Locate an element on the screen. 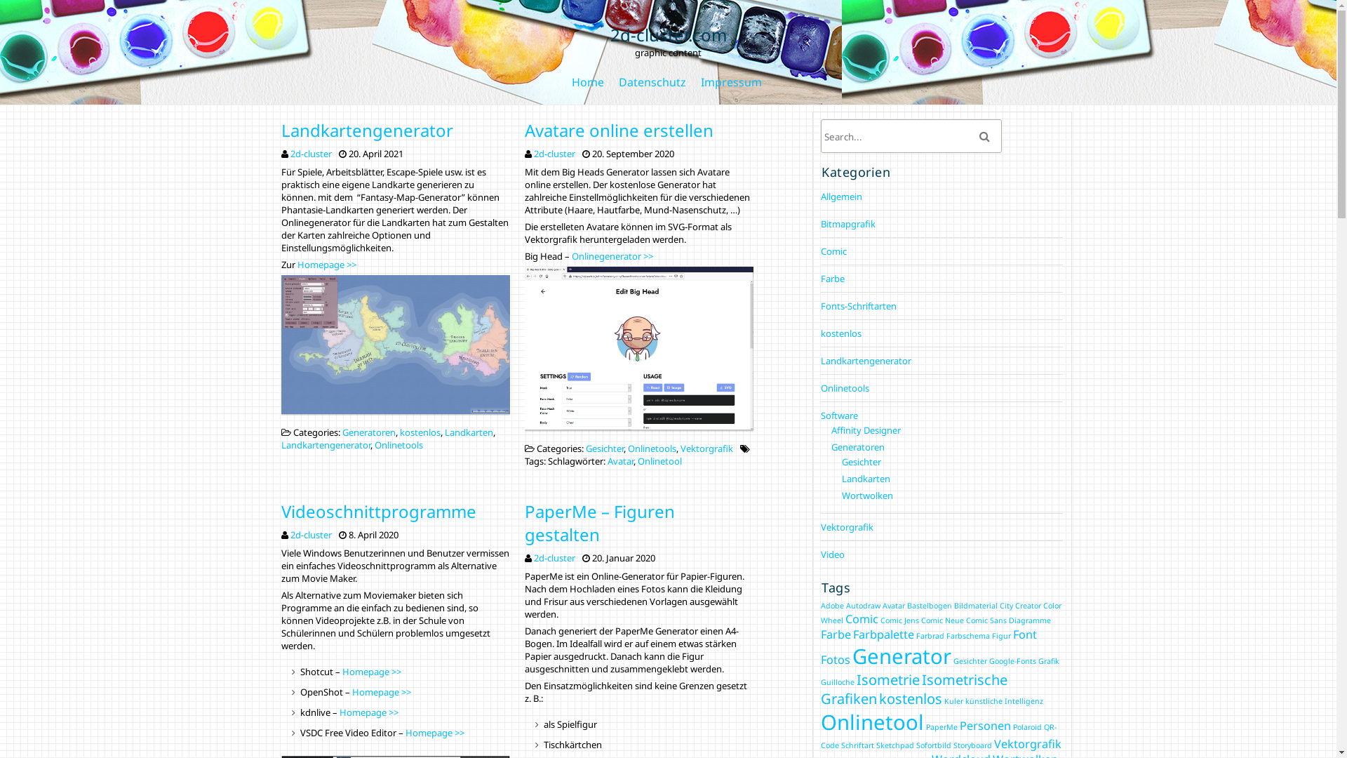 The width and height of the screenshot is (1347, 758). 'Fonts-Schriftarten' is located at coordinates (858, 305).